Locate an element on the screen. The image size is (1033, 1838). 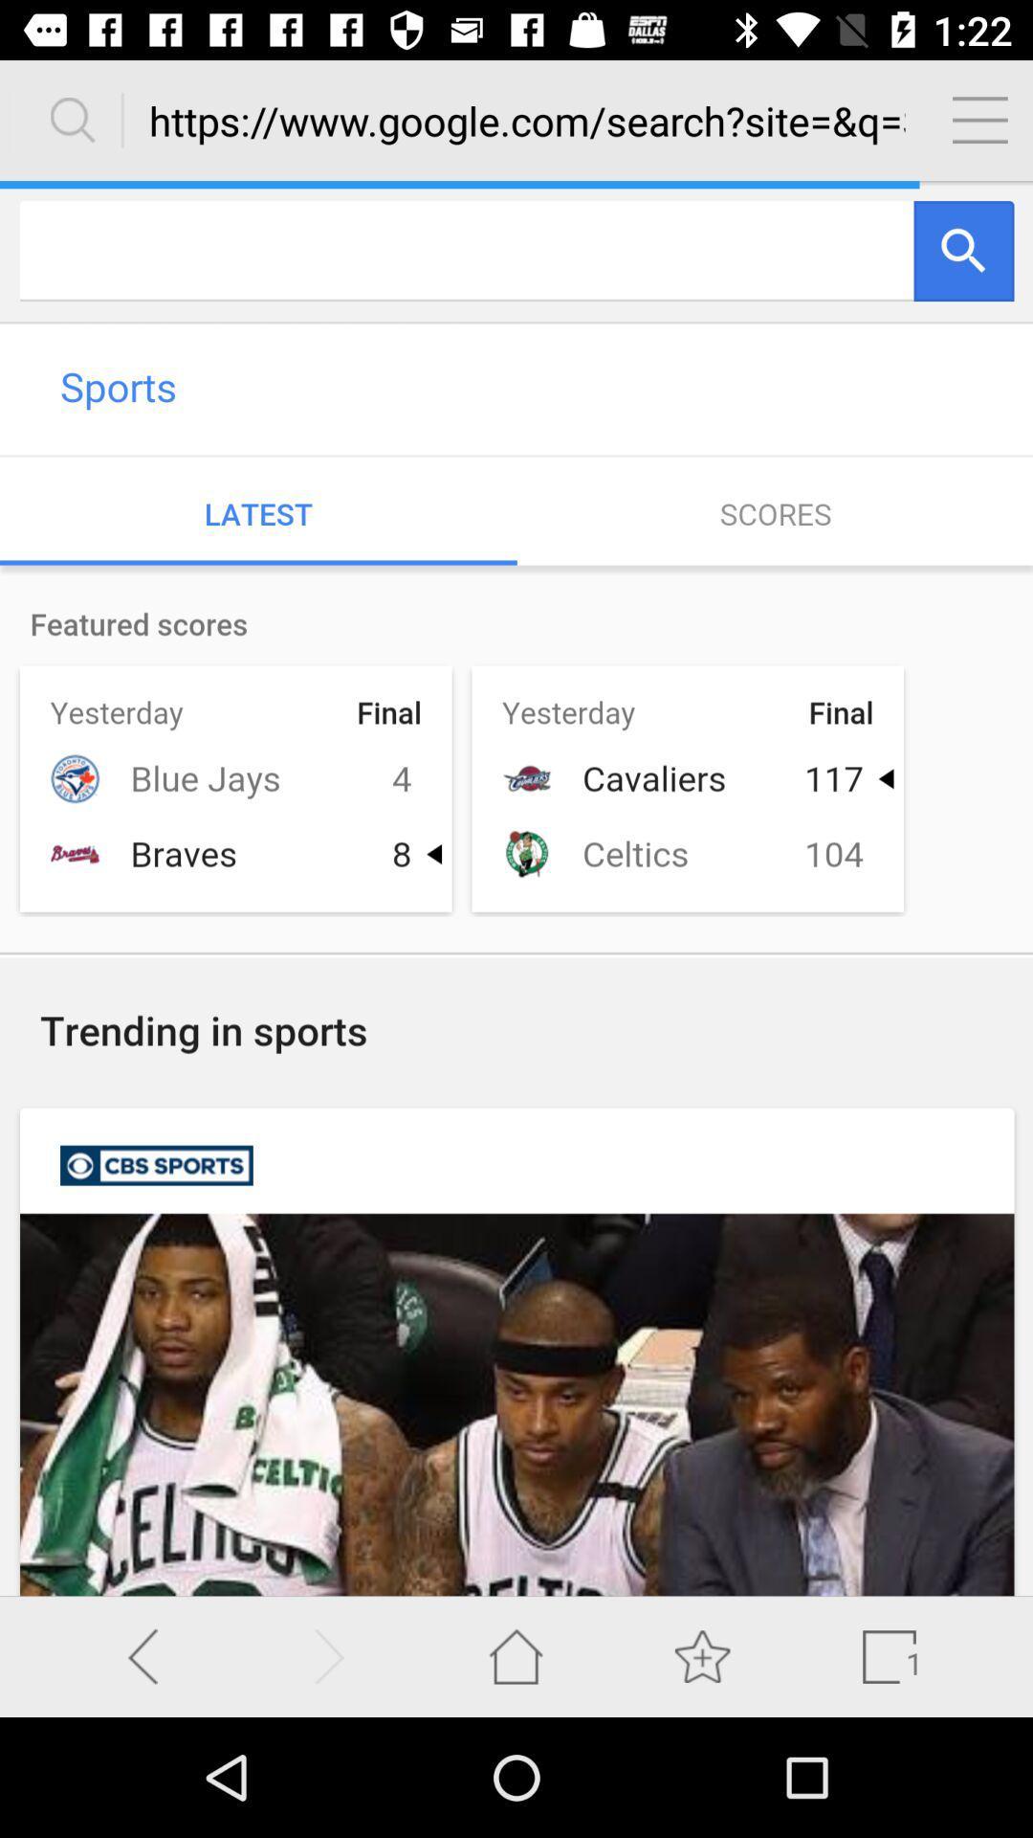
screen page is located at coordinates (516, 887).